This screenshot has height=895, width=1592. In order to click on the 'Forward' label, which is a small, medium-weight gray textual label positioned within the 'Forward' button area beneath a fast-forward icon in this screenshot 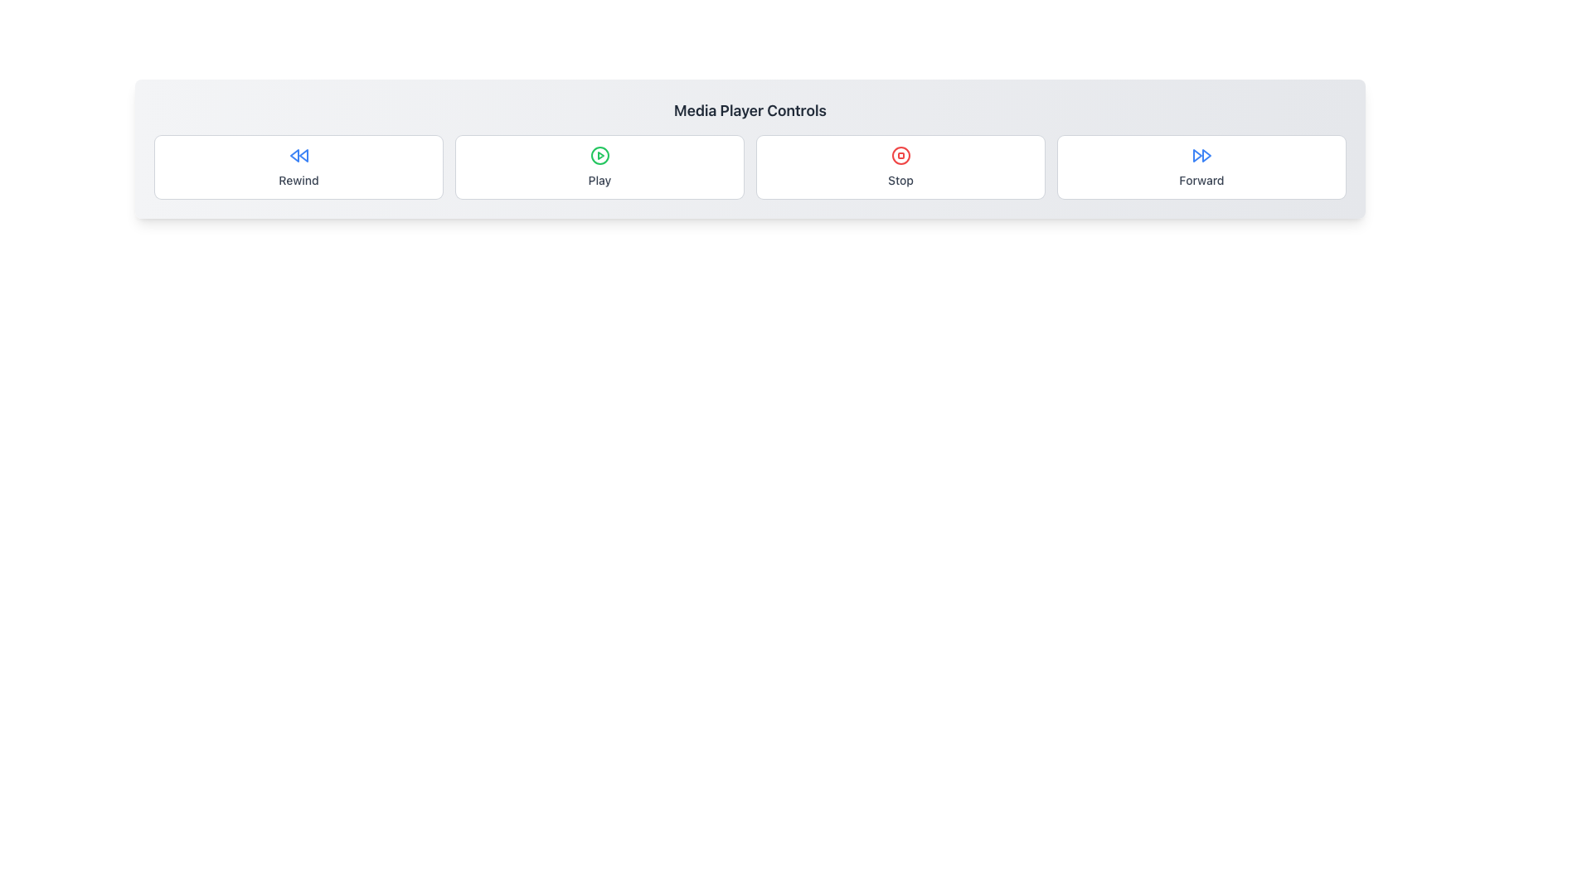, I will do `click(1201, 181)`.